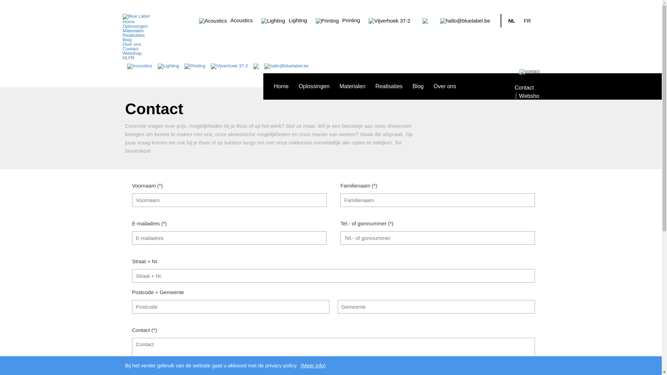 This screenshot has width=667, height=375. I want to click on 'Blog', so click(418, 86).